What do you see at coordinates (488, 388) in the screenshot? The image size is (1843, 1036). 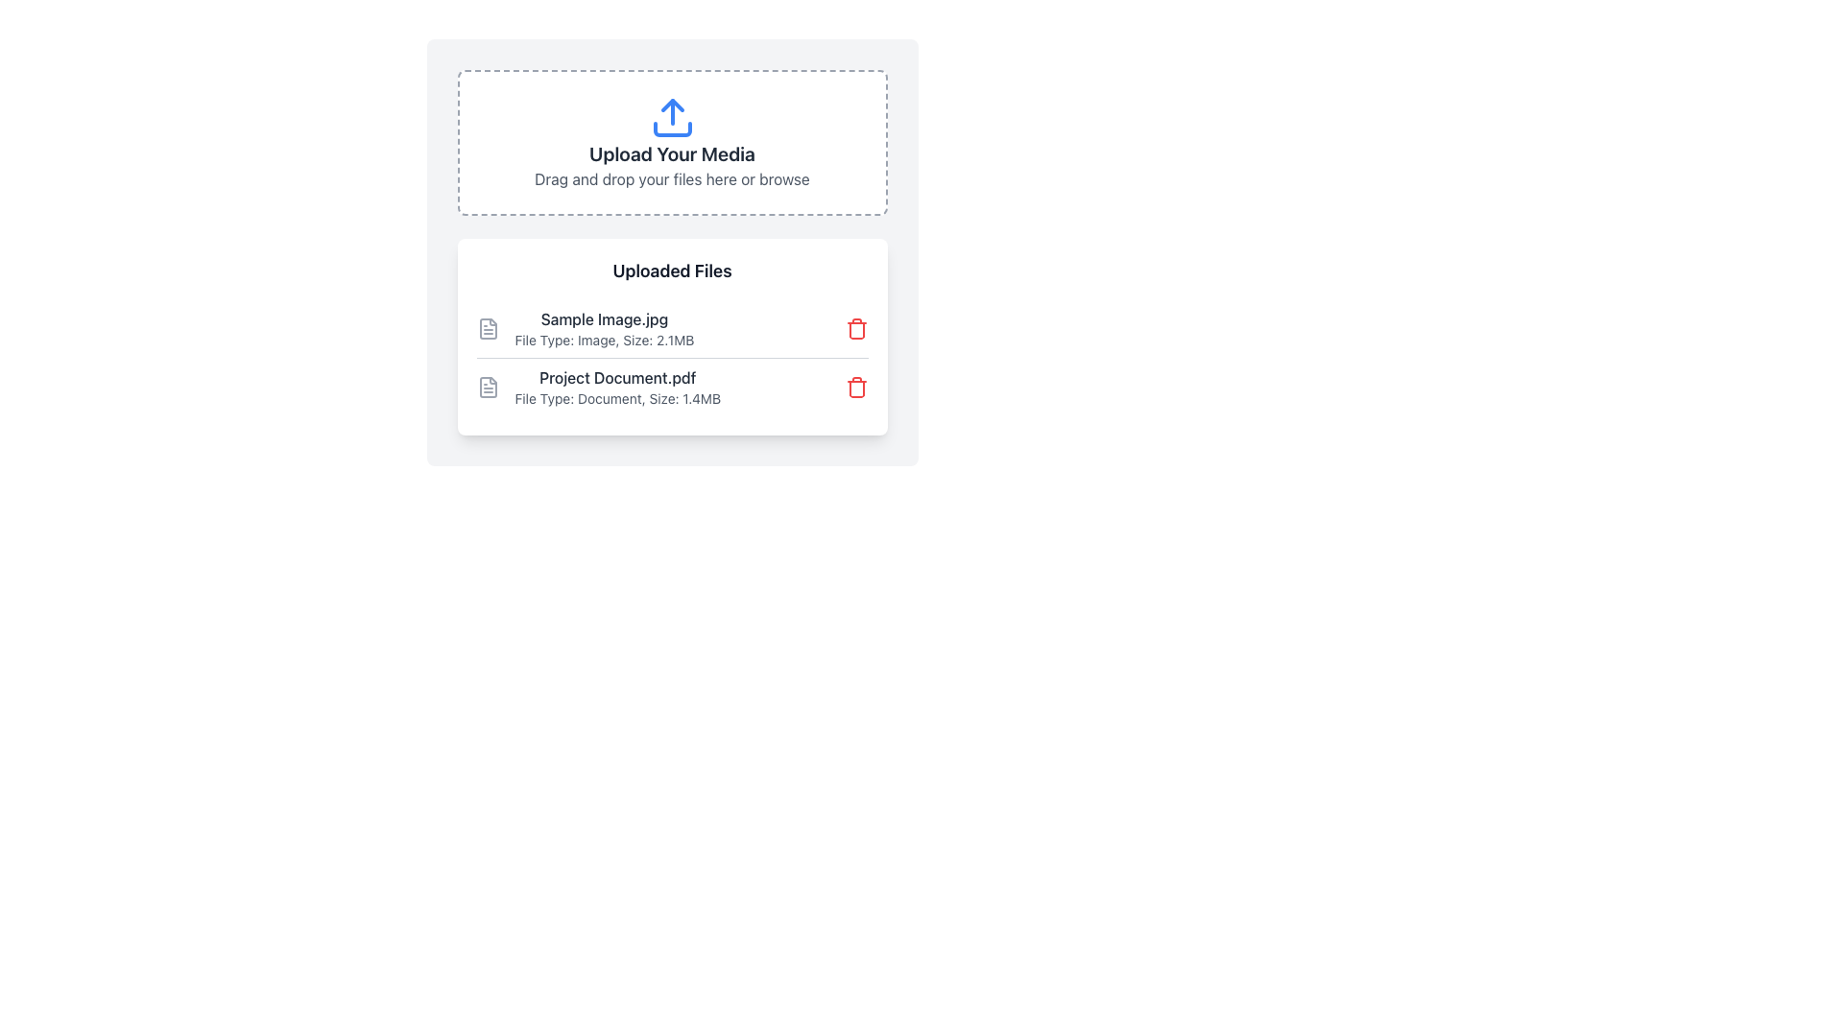 I see `the document icon representing 'Project Document.pdf' in the 'Uploaded Files' section` at bounding box center [488, 388].